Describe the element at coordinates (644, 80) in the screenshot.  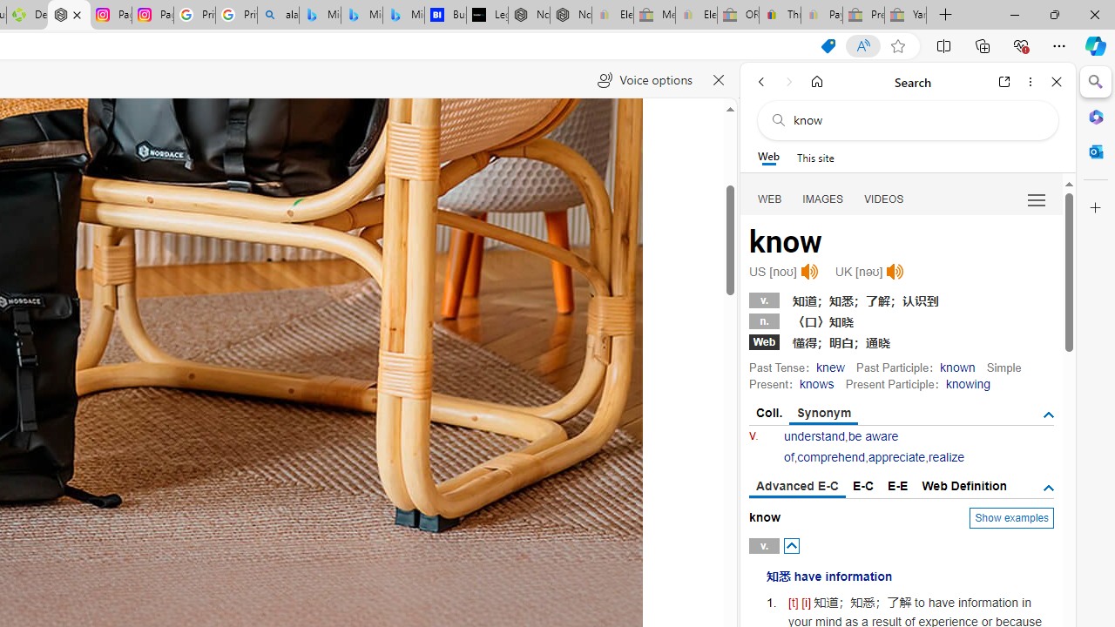
I see `'Voice options'` at that location.